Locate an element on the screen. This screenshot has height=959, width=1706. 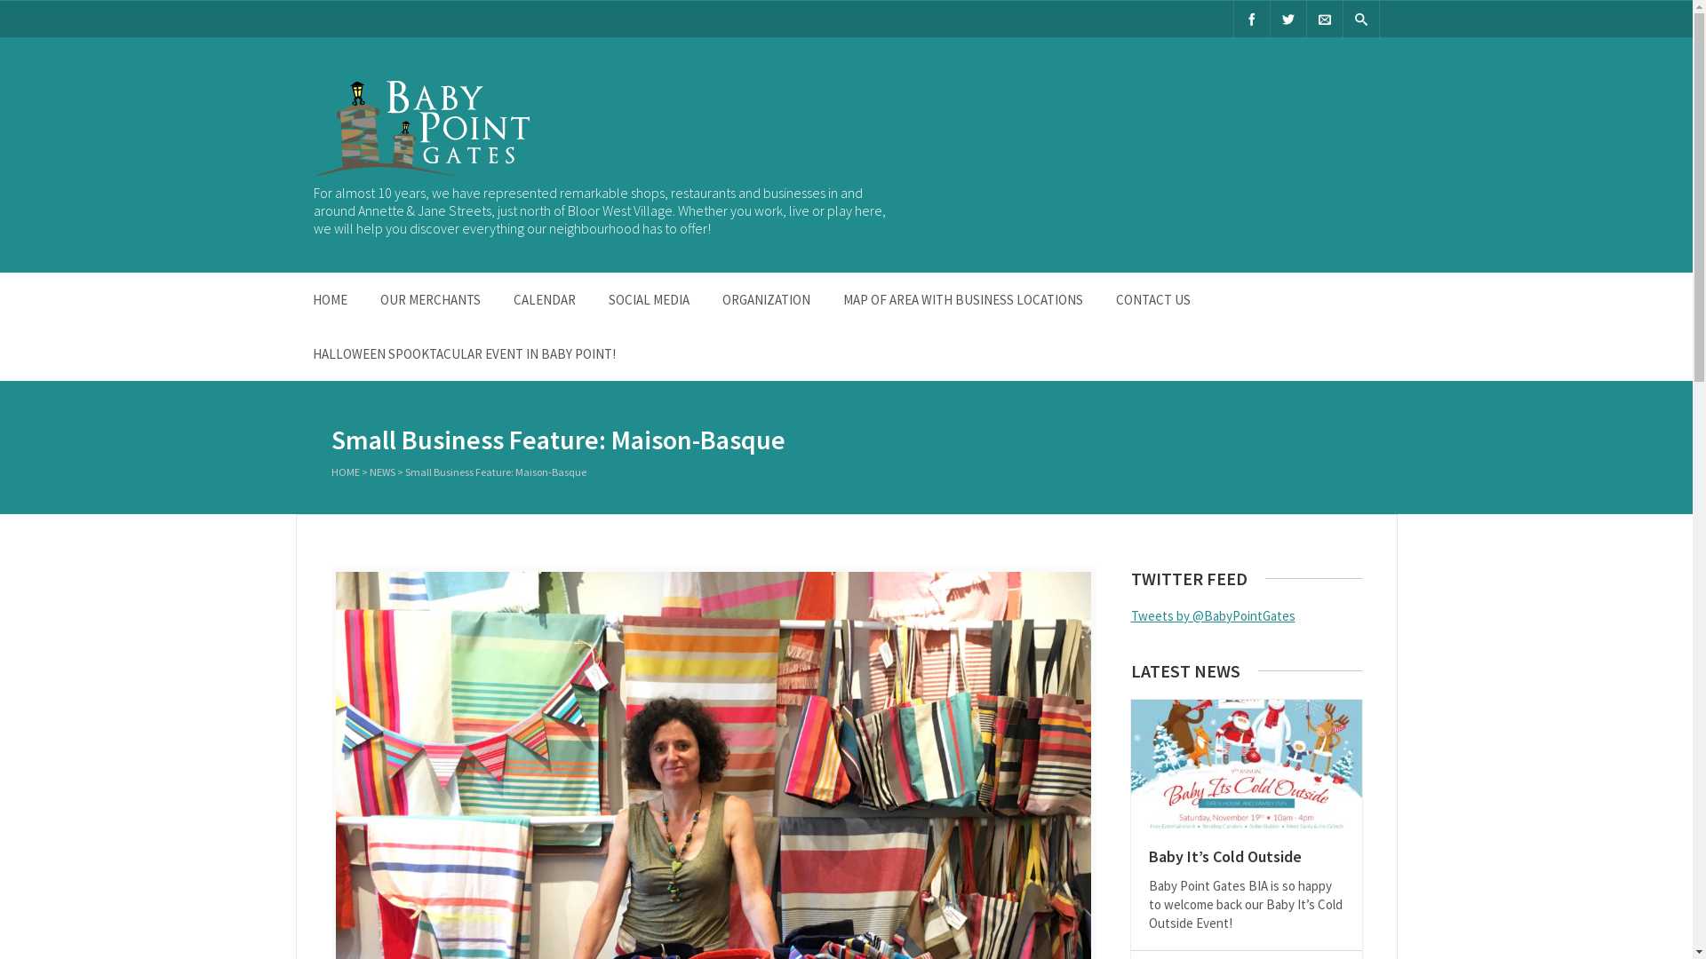
'SOCIAL MEDIA' is located at coordinates (648, 298).